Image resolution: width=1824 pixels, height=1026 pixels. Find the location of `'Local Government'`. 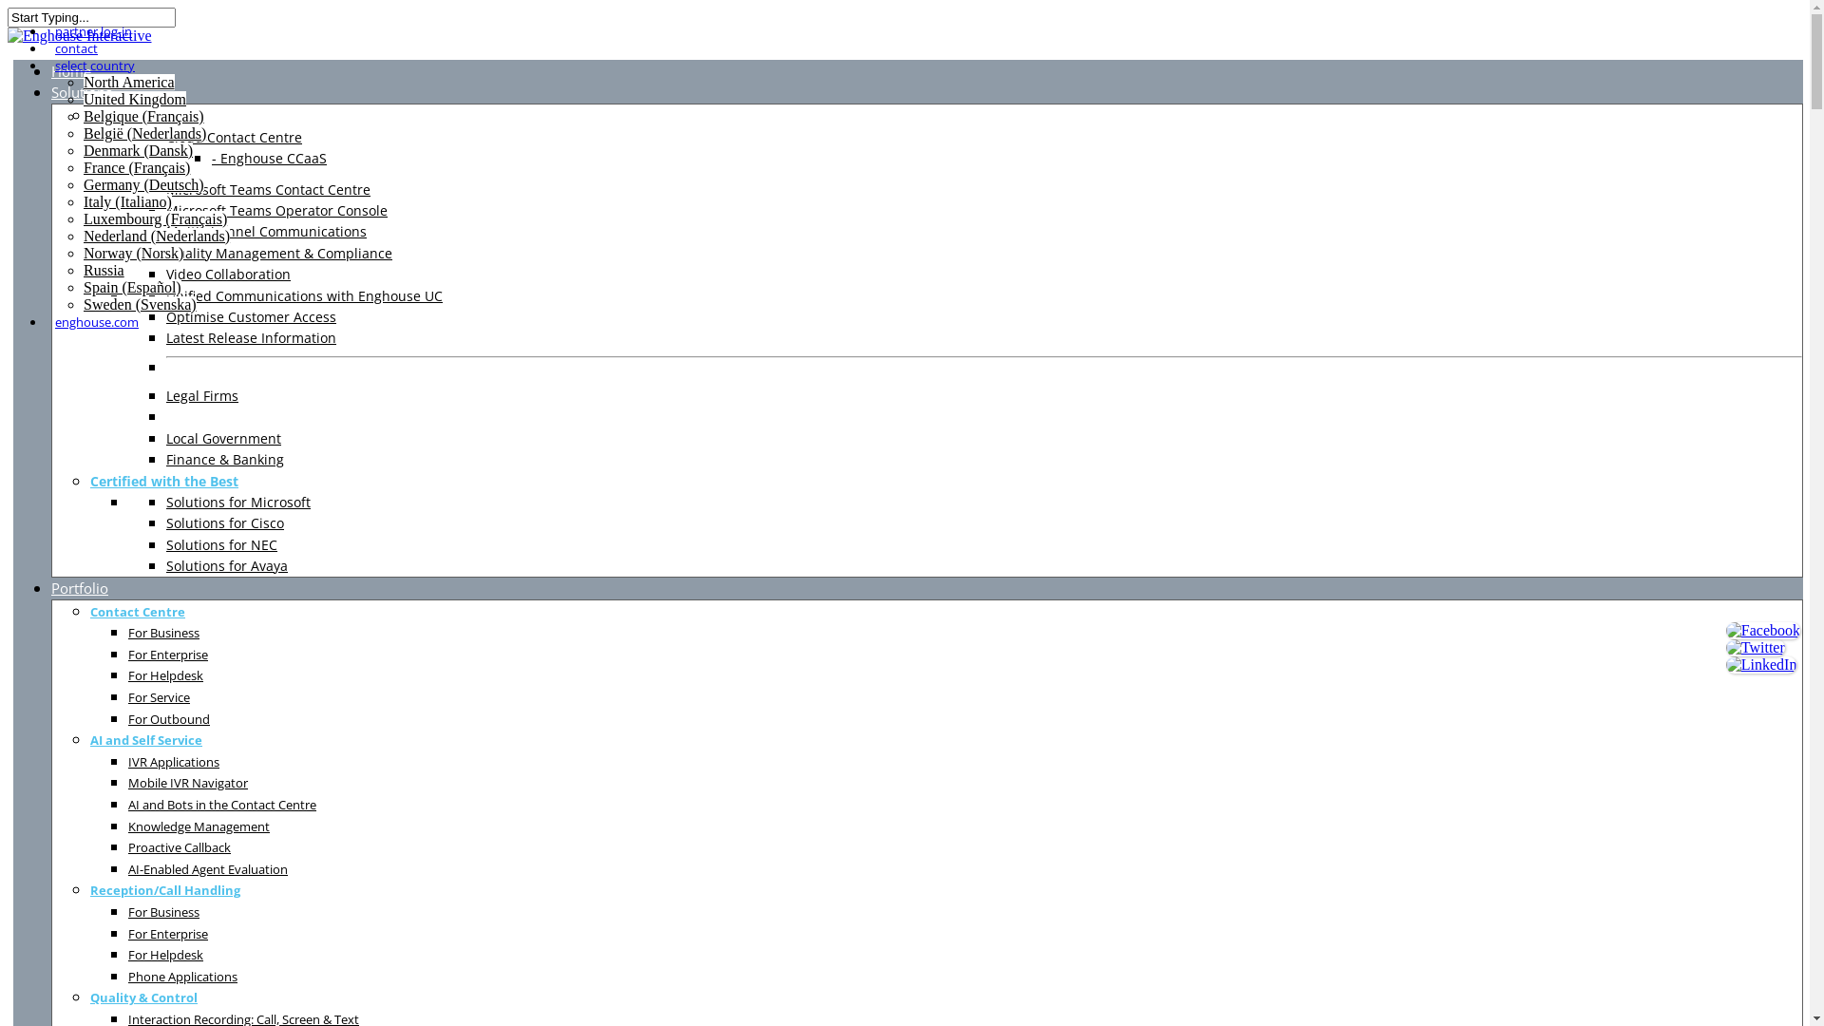

'Local Government' is located at coordinates (223, 438).